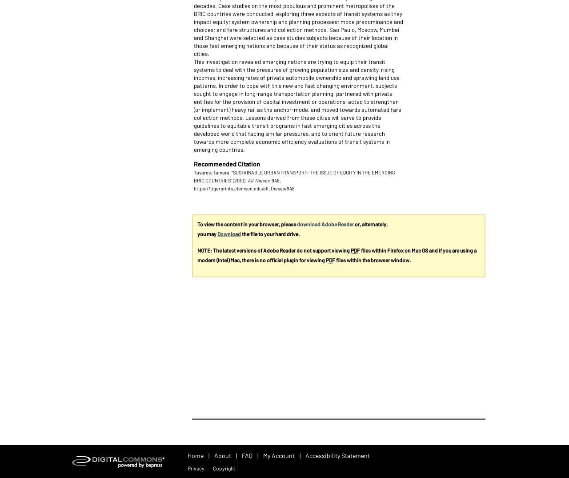 The image size is (569, 478). I want to click on 'files within the browser window.', so click(373, 259).